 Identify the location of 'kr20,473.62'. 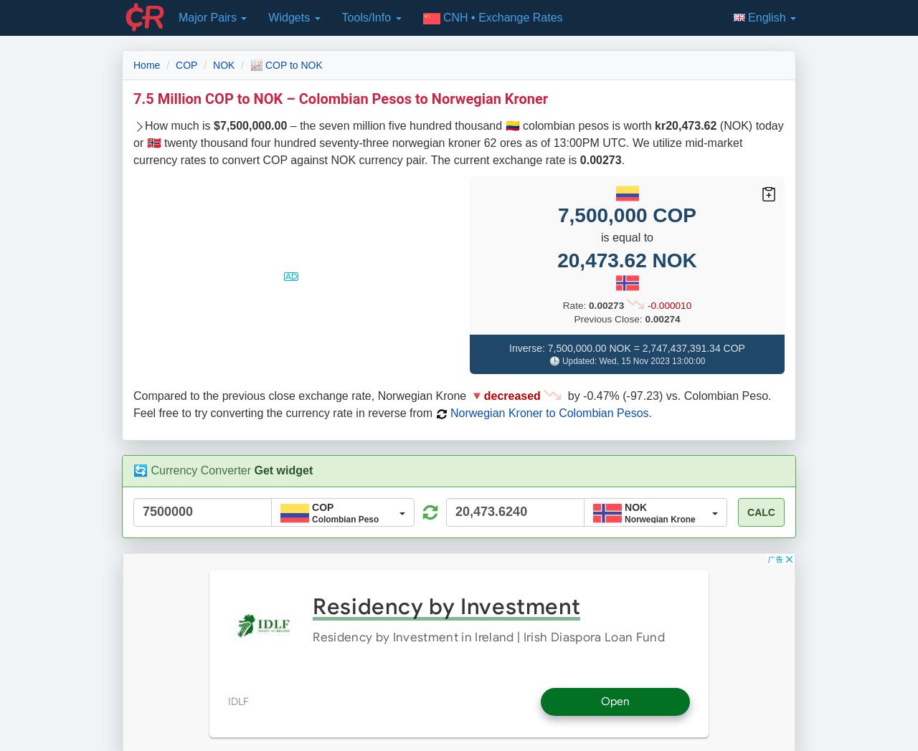
(685, 125).